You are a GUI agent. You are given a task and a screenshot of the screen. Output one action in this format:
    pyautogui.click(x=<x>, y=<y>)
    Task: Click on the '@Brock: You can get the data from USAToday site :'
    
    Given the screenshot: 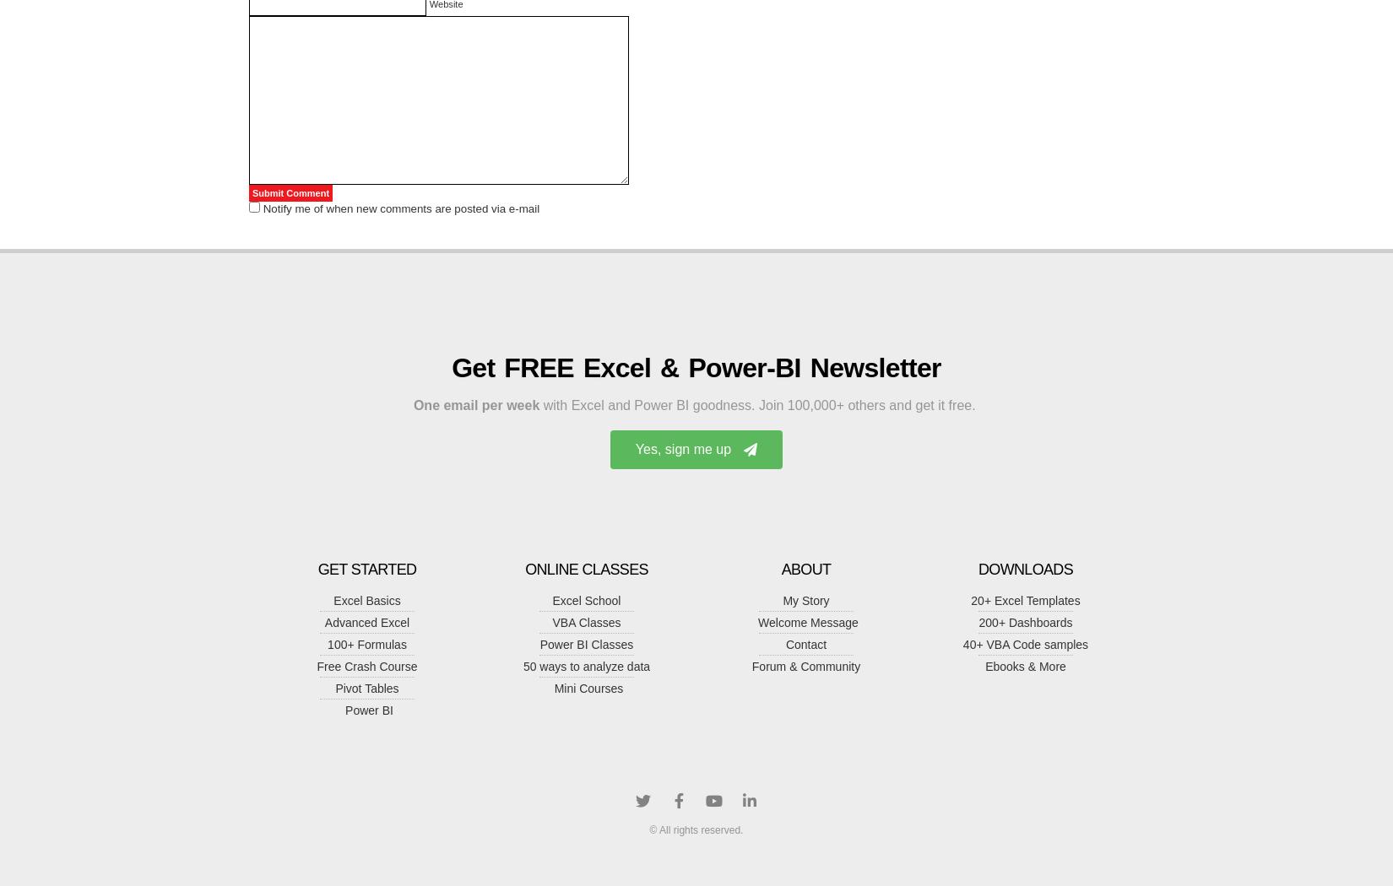 What is the action you would take?
    pyautogui.click(x=261, y=153)
    